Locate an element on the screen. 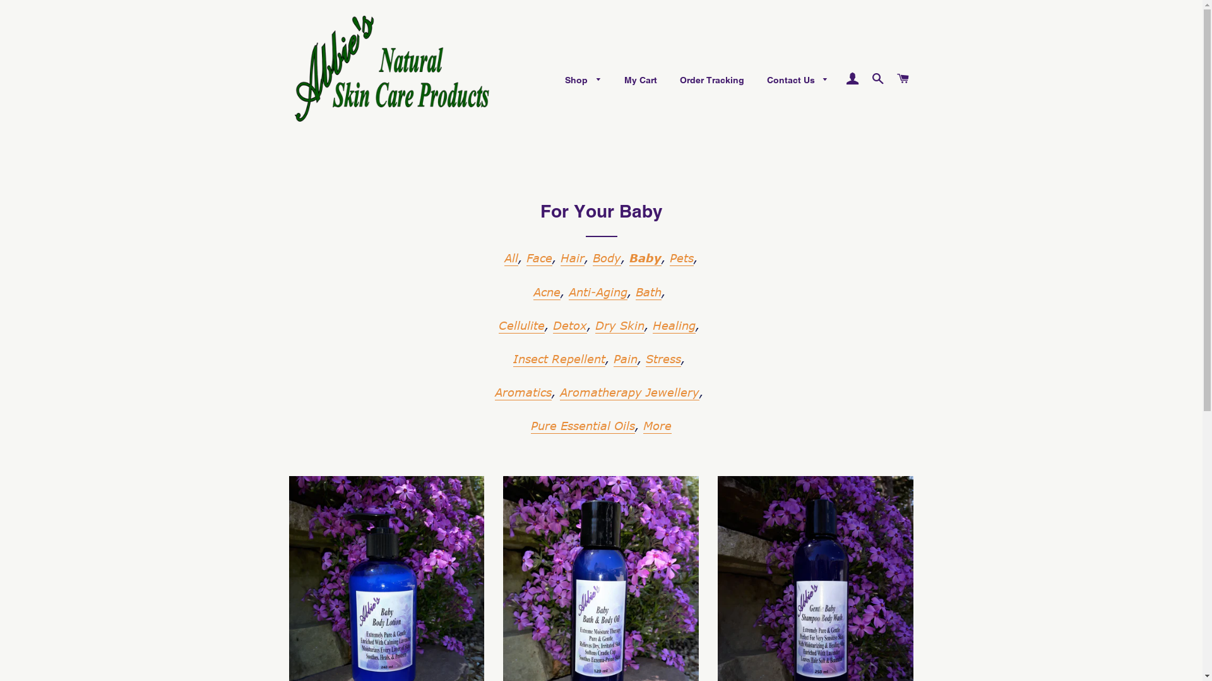 The height and width of the screenshot is (681, 1212). 'Baby' is located at coordinates (645, 257).